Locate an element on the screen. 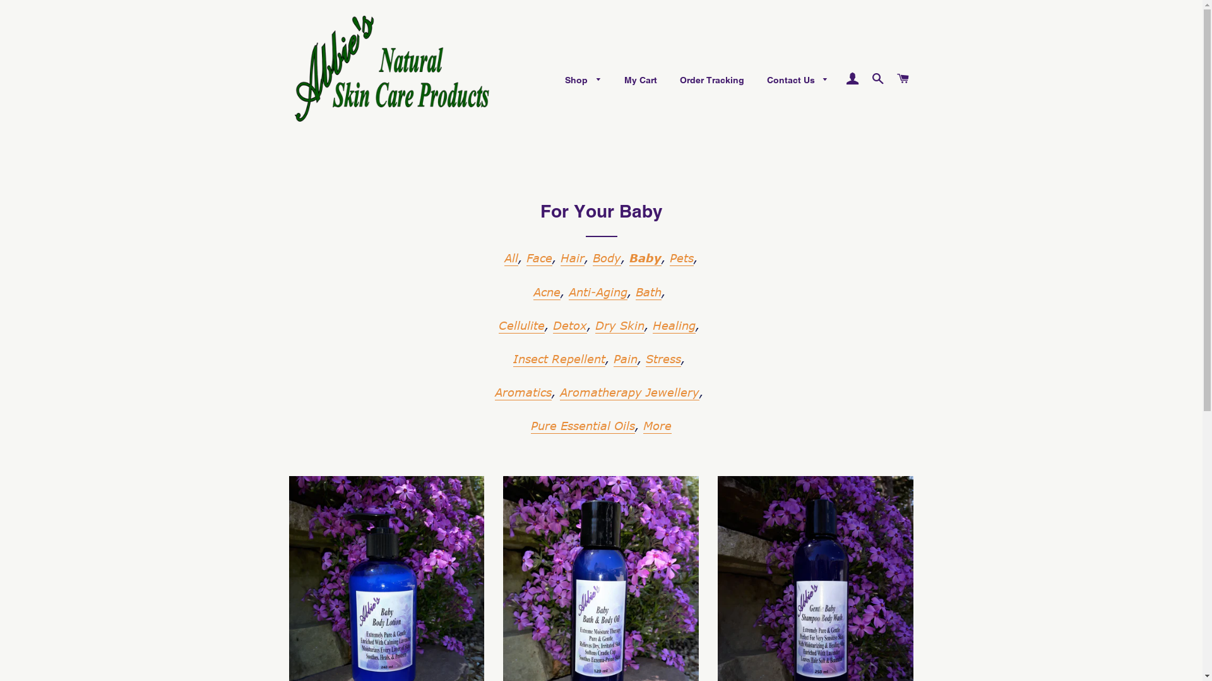 The height and width of the screenshot is (681, 1212). 'Baby' is located at coordinates (645, 257).